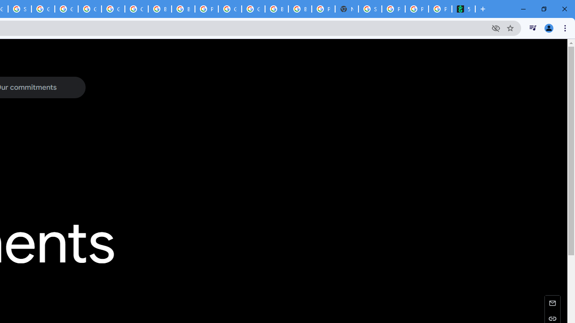 The image size is (575, 323). I want to click on 'New Tab', so click(346, 9).